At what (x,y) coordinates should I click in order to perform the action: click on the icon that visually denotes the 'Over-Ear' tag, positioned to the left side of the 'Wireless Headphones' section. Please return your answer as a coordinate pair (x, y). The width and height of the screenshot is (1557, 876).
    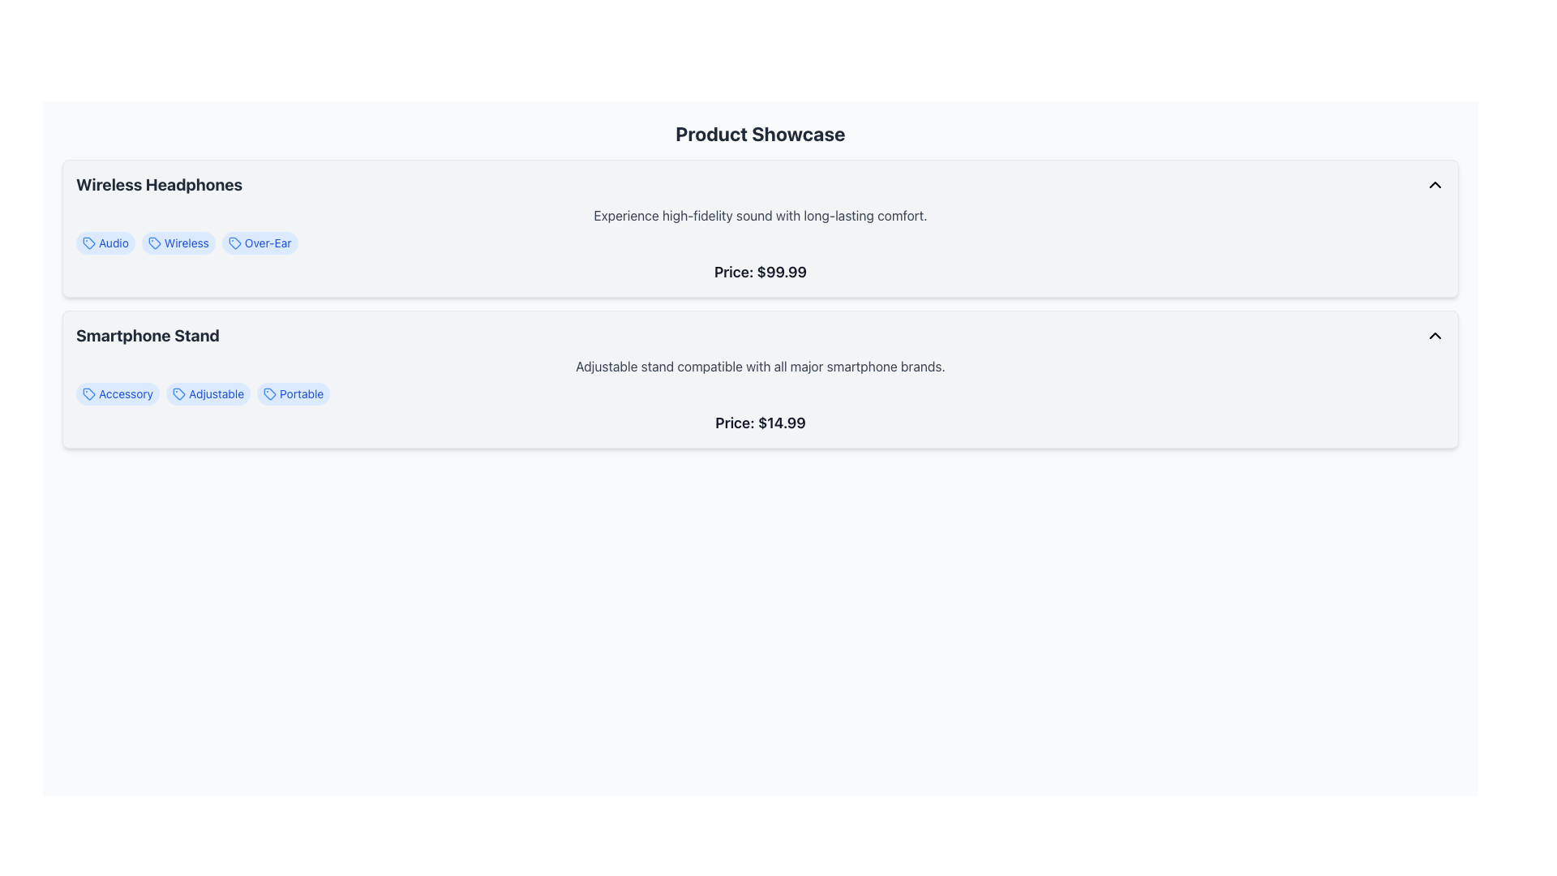
    Looking at the image, I should click on (234, 243).